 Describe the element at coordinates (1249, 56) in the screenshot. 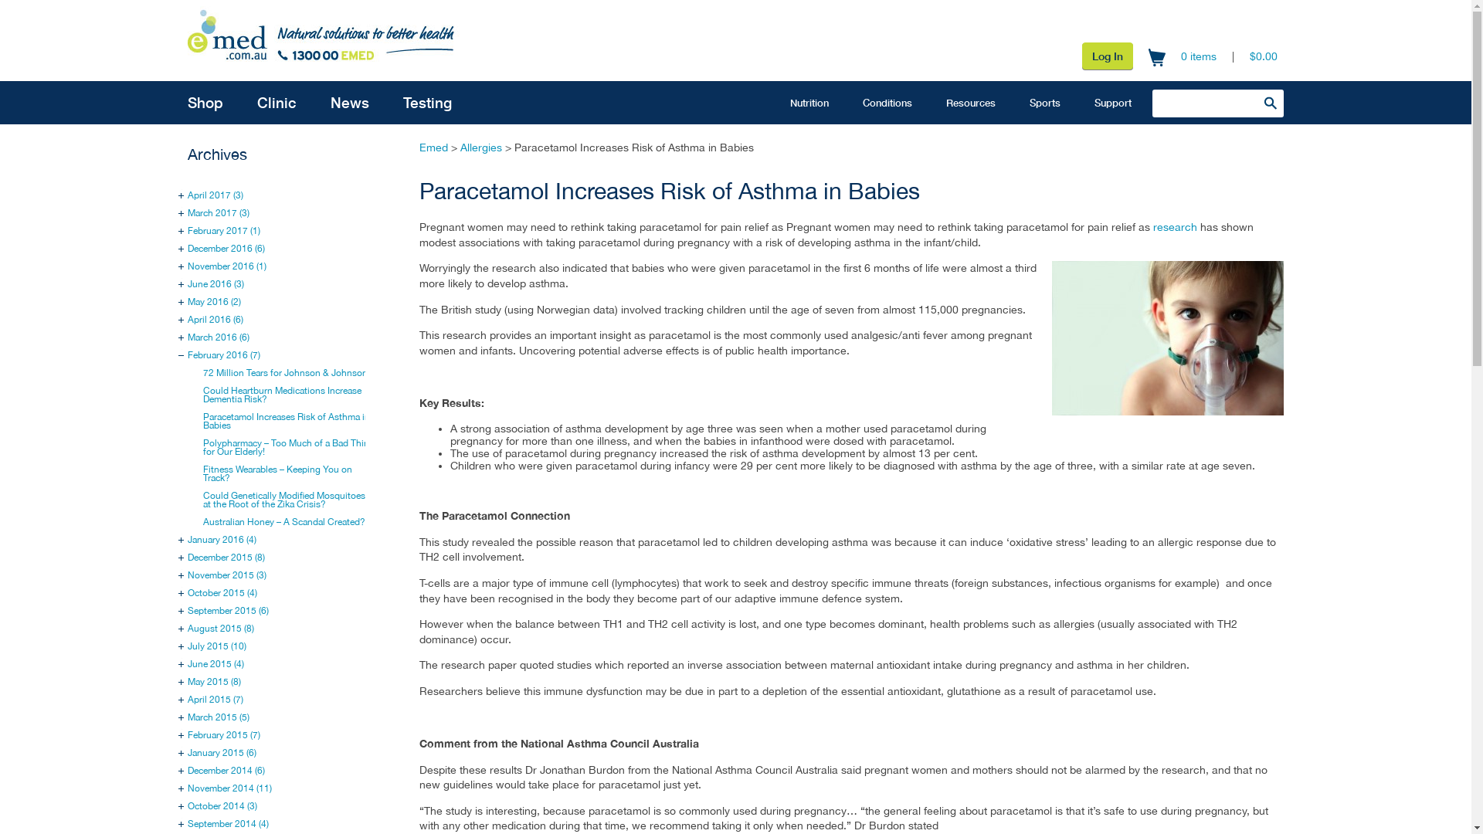

I see `'$0.00'` at that location.